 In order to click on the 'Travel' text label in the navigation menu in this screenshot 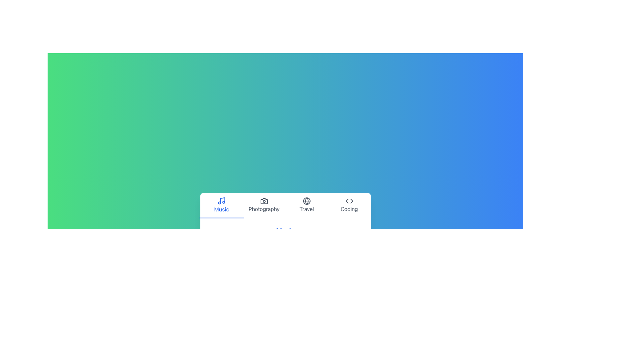, I will do `click(306, 208)`.